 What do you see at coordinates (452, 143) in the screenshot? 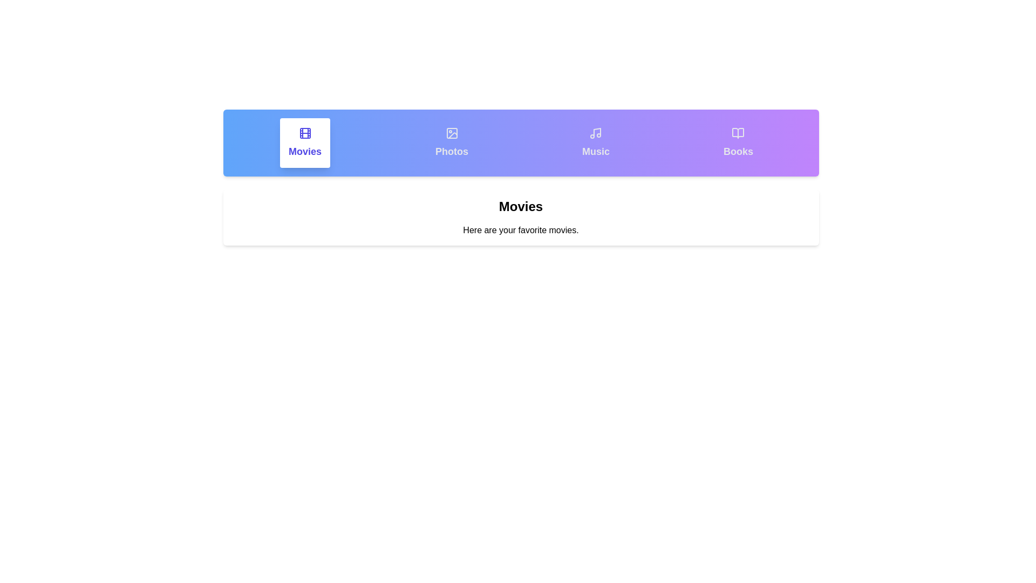
I see `the Photos tab to view its hover effects` at bounding box center [452, 143].